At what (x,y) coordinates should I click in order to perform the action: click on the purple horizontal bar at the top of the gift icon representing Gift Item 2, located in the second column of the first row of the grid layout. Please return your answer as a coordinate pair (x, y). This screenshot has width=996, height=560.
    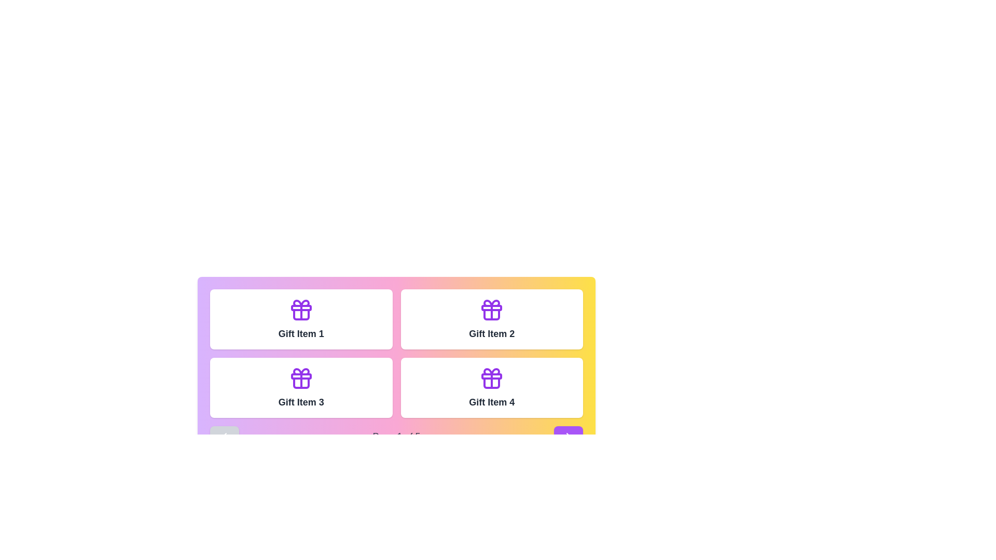
    Looking at the image, I should click on (491, 307).